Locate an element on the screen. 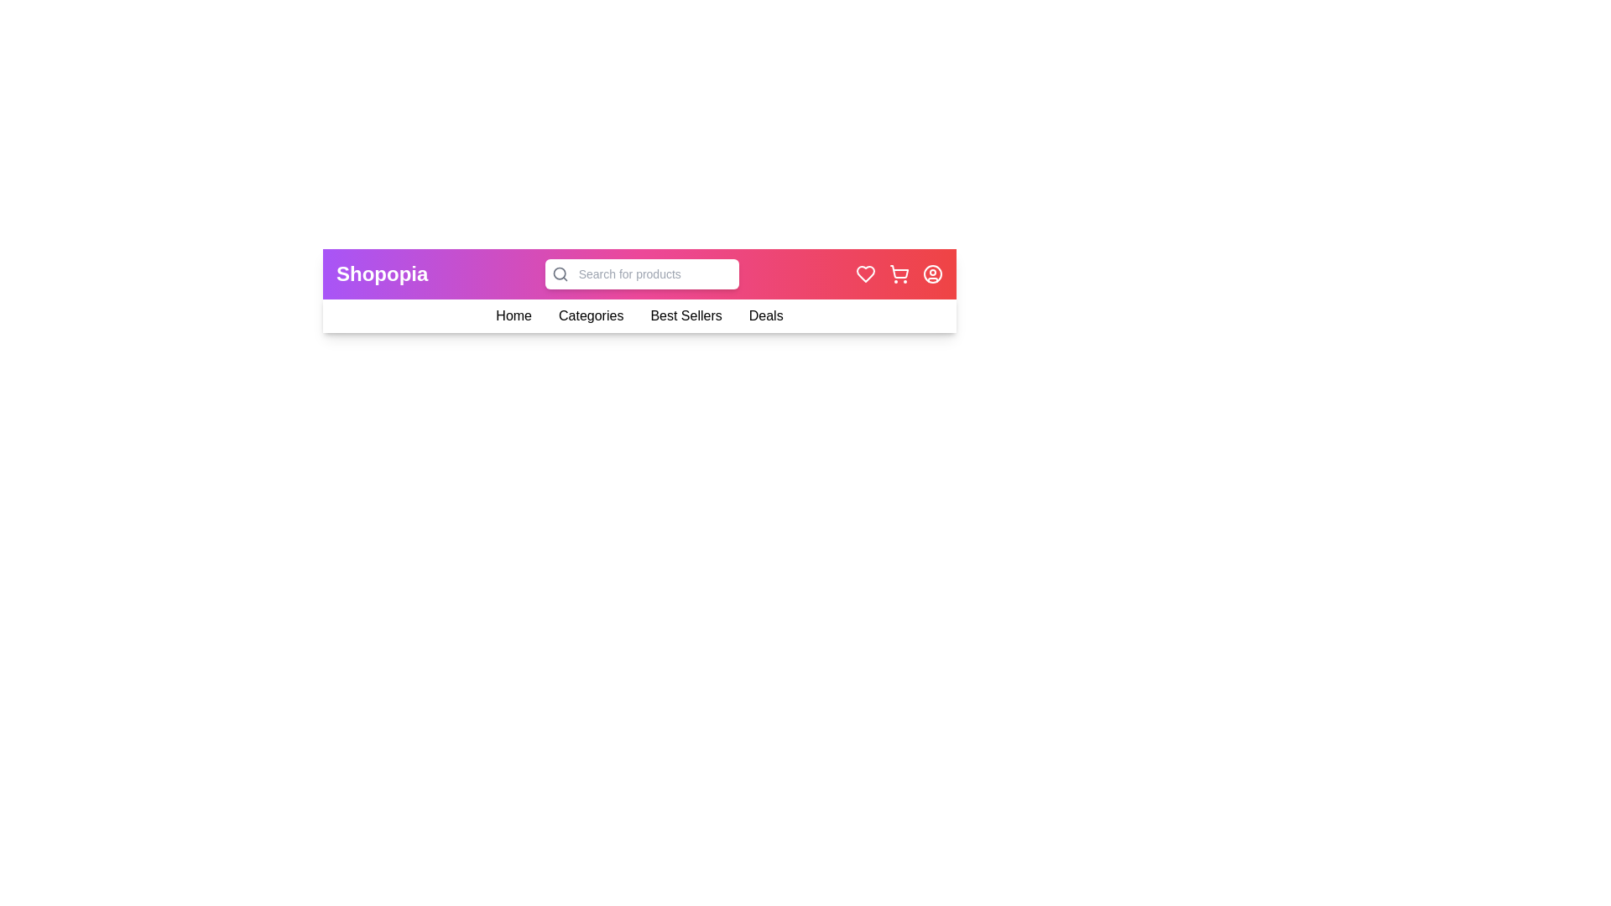 This screenshot has height=906, width=1611. the Shopopia logo to simulate user interaction is located at coordinates (381, 273).